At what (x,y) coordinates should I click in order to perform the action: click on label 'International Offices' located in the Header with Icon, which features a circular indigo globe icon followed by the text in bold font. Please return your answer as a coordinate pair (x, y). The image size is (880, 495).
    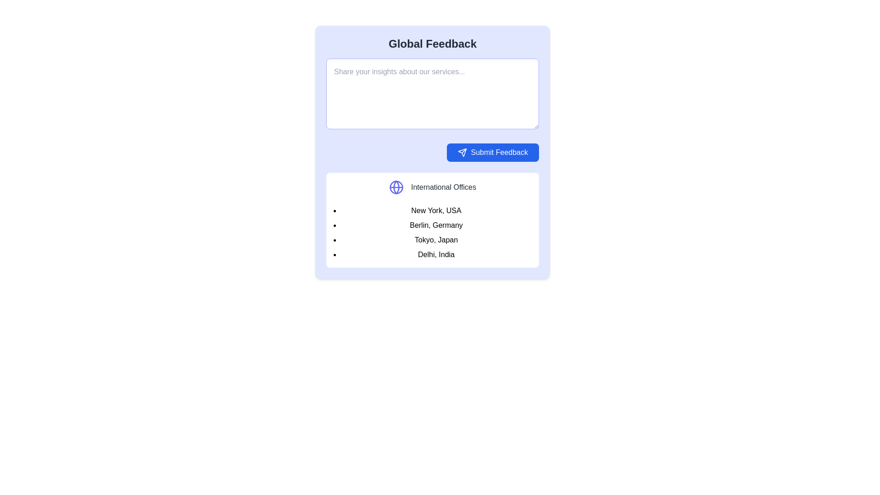
    Looking at the image, I should click on (432, 187).